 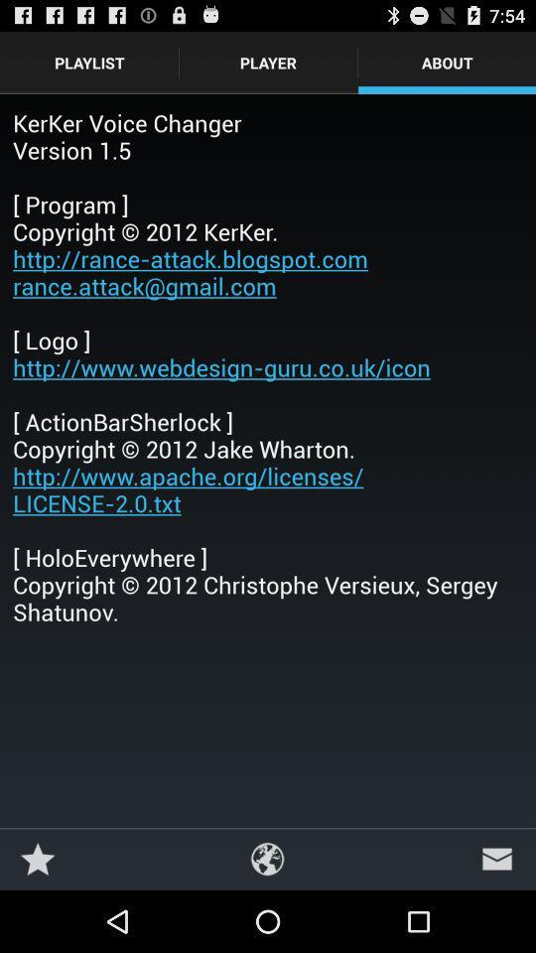 What do you see at coordinates (267, 858) in the screenshot?
I see `icon at the bottom` at bounding box center [267, 858].